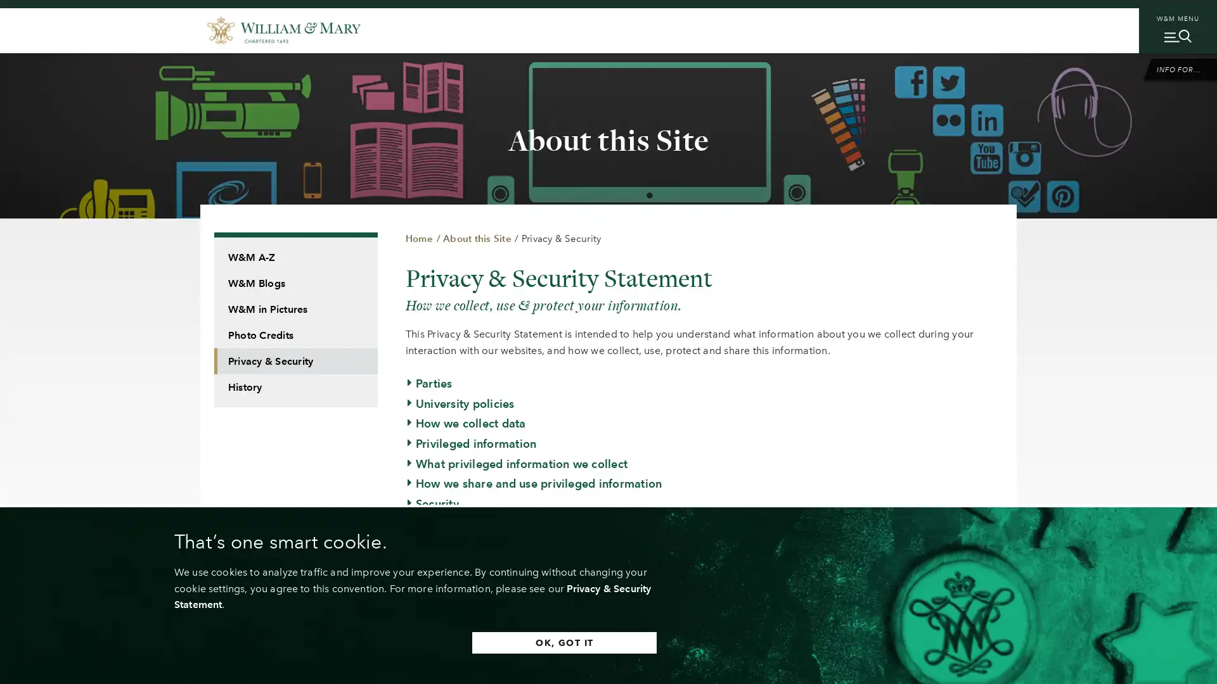  What do you see at coordinates (465, 423) in the screenshot?
I see `How we collect data` at bounding box center [465, 423].